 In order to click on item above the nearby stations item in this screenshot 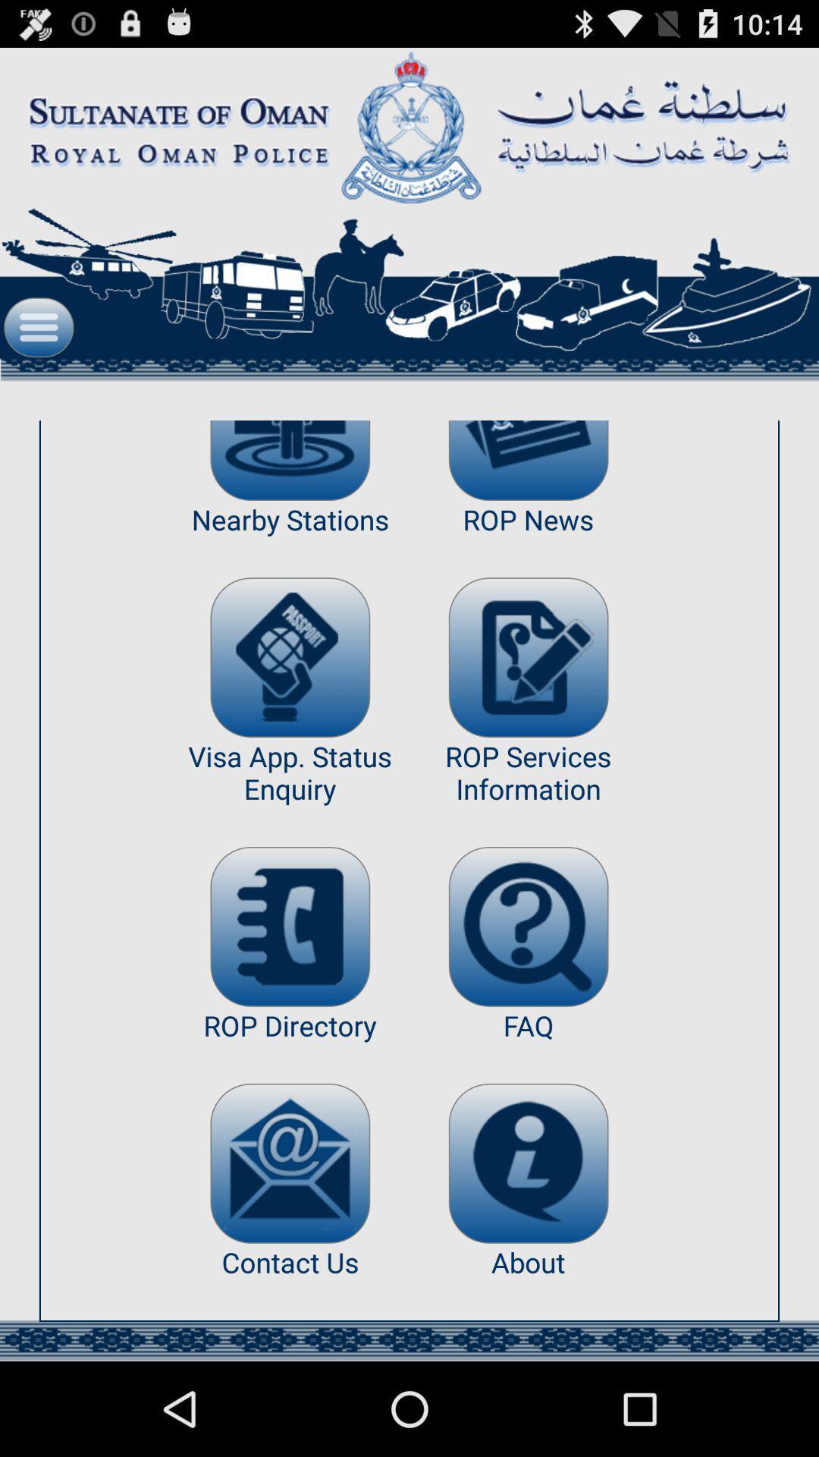, I will do `click(290, 460)`.